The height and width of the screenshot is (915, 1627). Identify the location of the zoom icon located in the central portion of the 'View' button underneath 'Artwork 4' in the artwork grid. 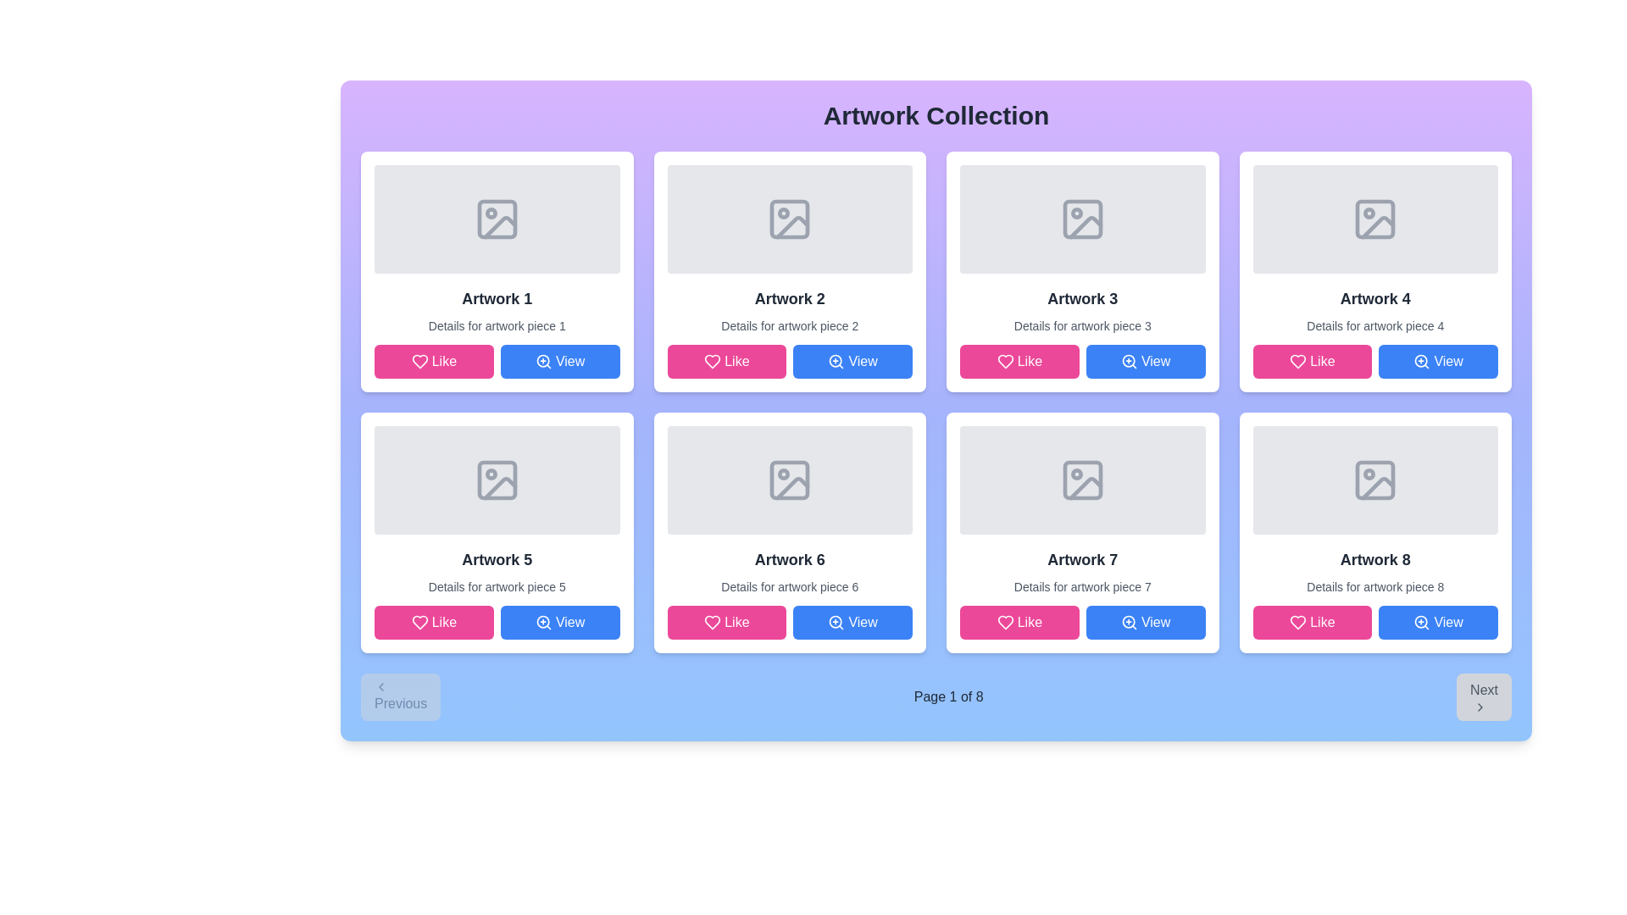
(1422, 361).